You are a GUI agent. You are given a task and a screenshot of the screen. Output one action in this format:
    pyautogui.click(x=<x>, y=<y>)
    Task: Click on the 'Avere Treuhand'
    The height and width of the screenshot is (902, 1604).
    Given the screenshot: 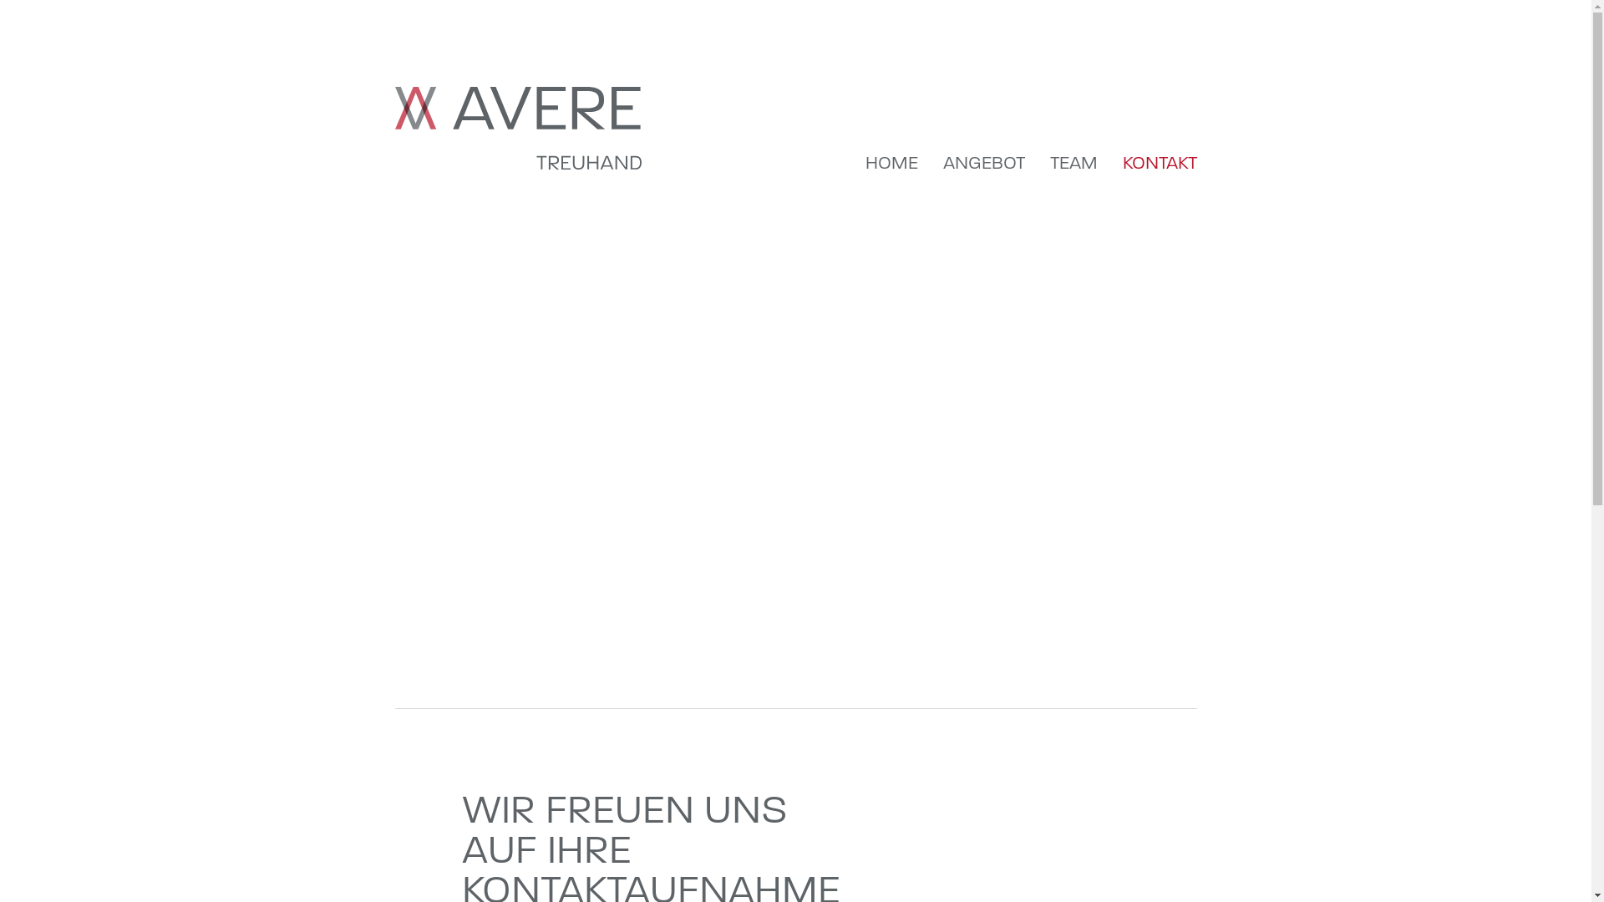 What is the action you would take?
    pyautogui.click(x=516, y=127)
    